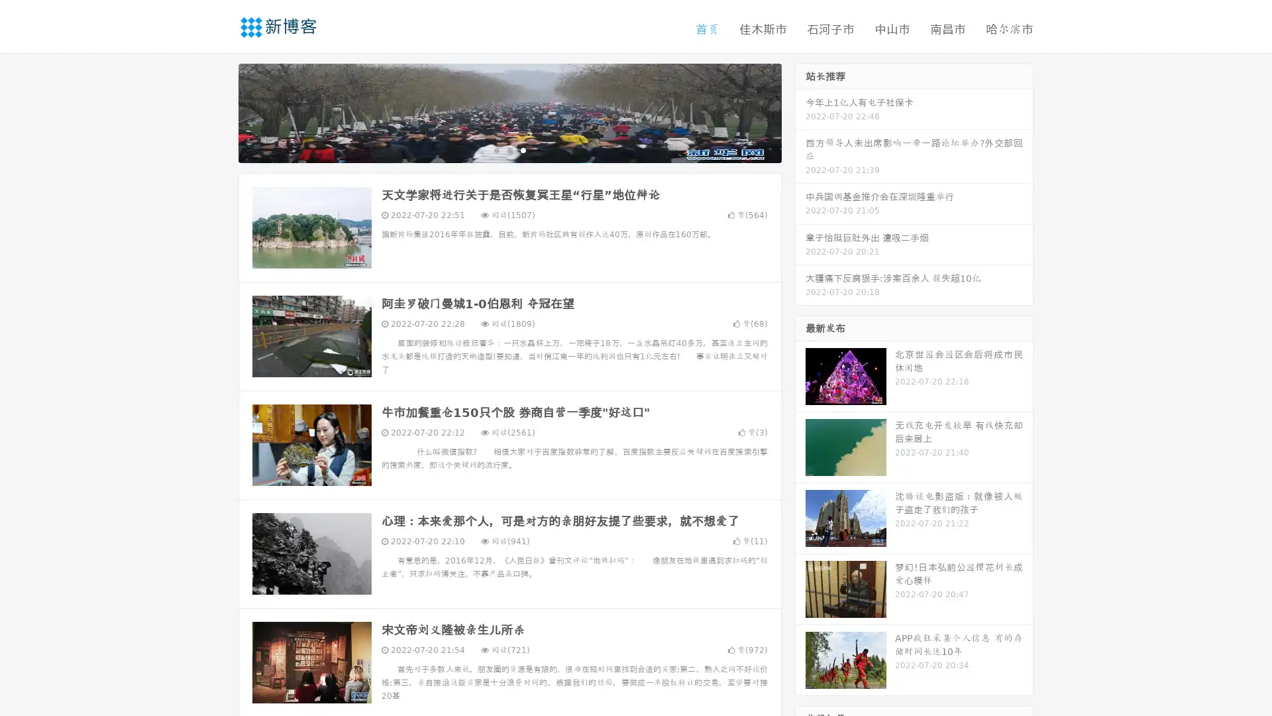  What do you see at coordinates (219, 111) in the screenshot?
I see `Previous slide` at bounding box center [219, 111].